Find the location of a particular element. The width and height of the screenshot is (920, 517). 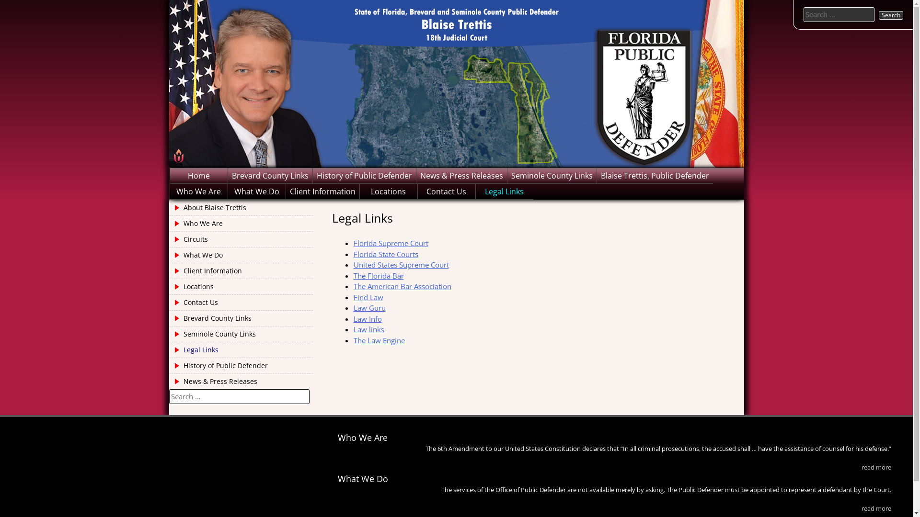

'Seminole County Links' is located at coordinates (241, 334).